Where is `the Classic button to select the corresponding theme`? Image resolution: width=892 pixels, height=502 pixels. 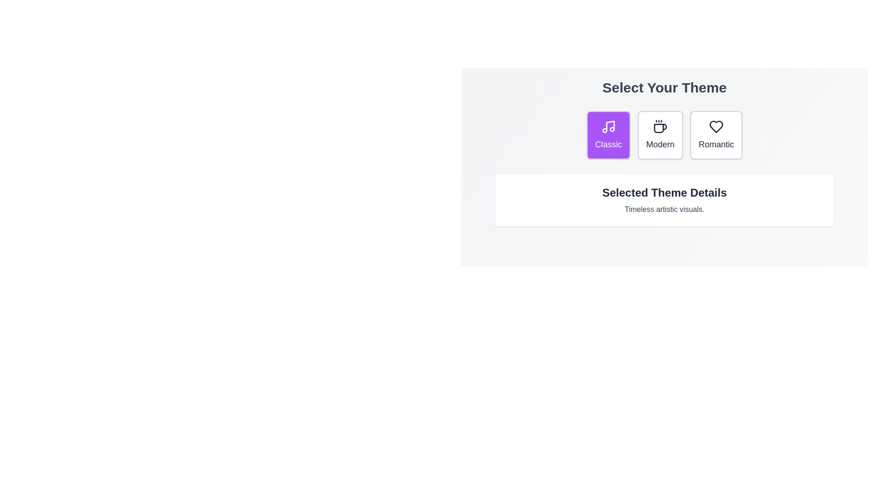 the Classic button to select the corresponding theme is located at coordinates (609, 135).